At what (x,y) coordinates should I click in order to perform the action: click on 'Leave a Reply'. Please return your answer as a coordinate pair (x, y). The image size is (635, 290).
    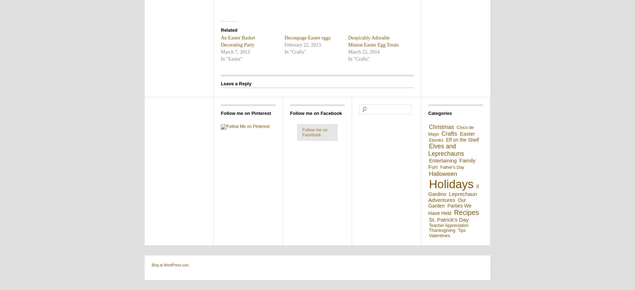
    Looking at the image, I should click on (221, 83).